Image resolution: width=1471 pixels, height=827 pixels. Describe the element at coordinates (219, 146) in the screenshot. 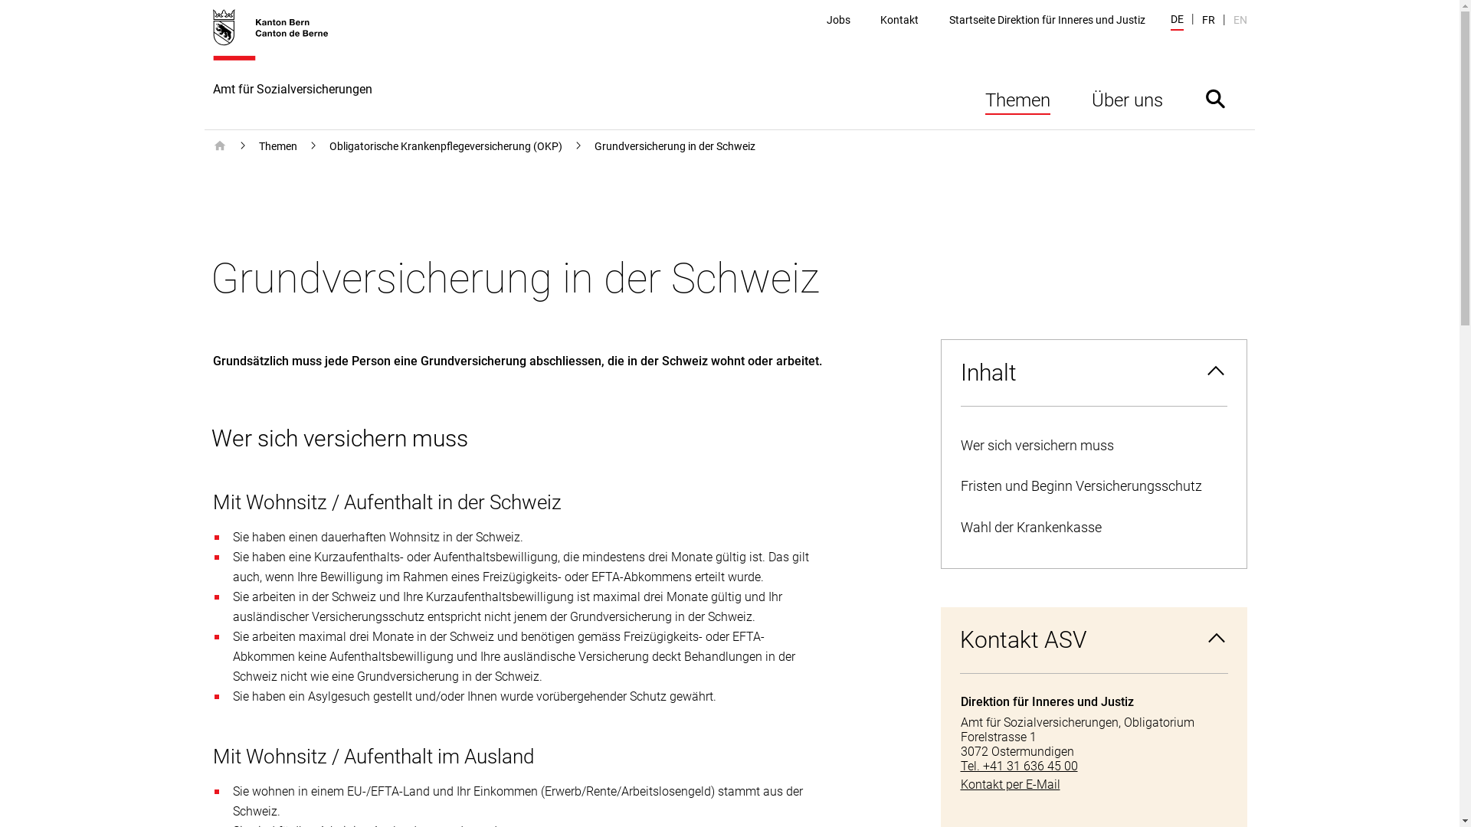

I see `'Startseite'` at that location.